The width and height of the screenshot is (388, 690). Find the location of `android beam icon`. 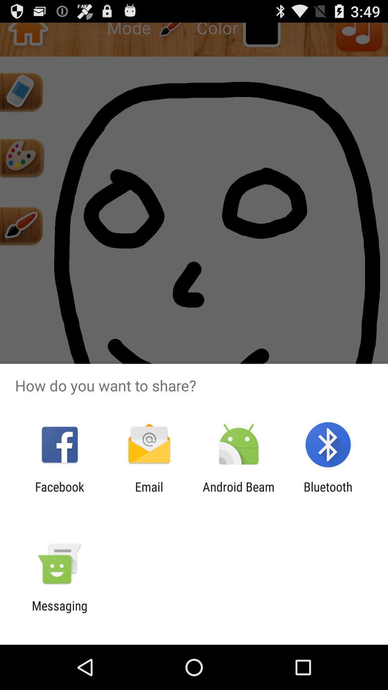

android beam icon is located at coordinates (239, 494).